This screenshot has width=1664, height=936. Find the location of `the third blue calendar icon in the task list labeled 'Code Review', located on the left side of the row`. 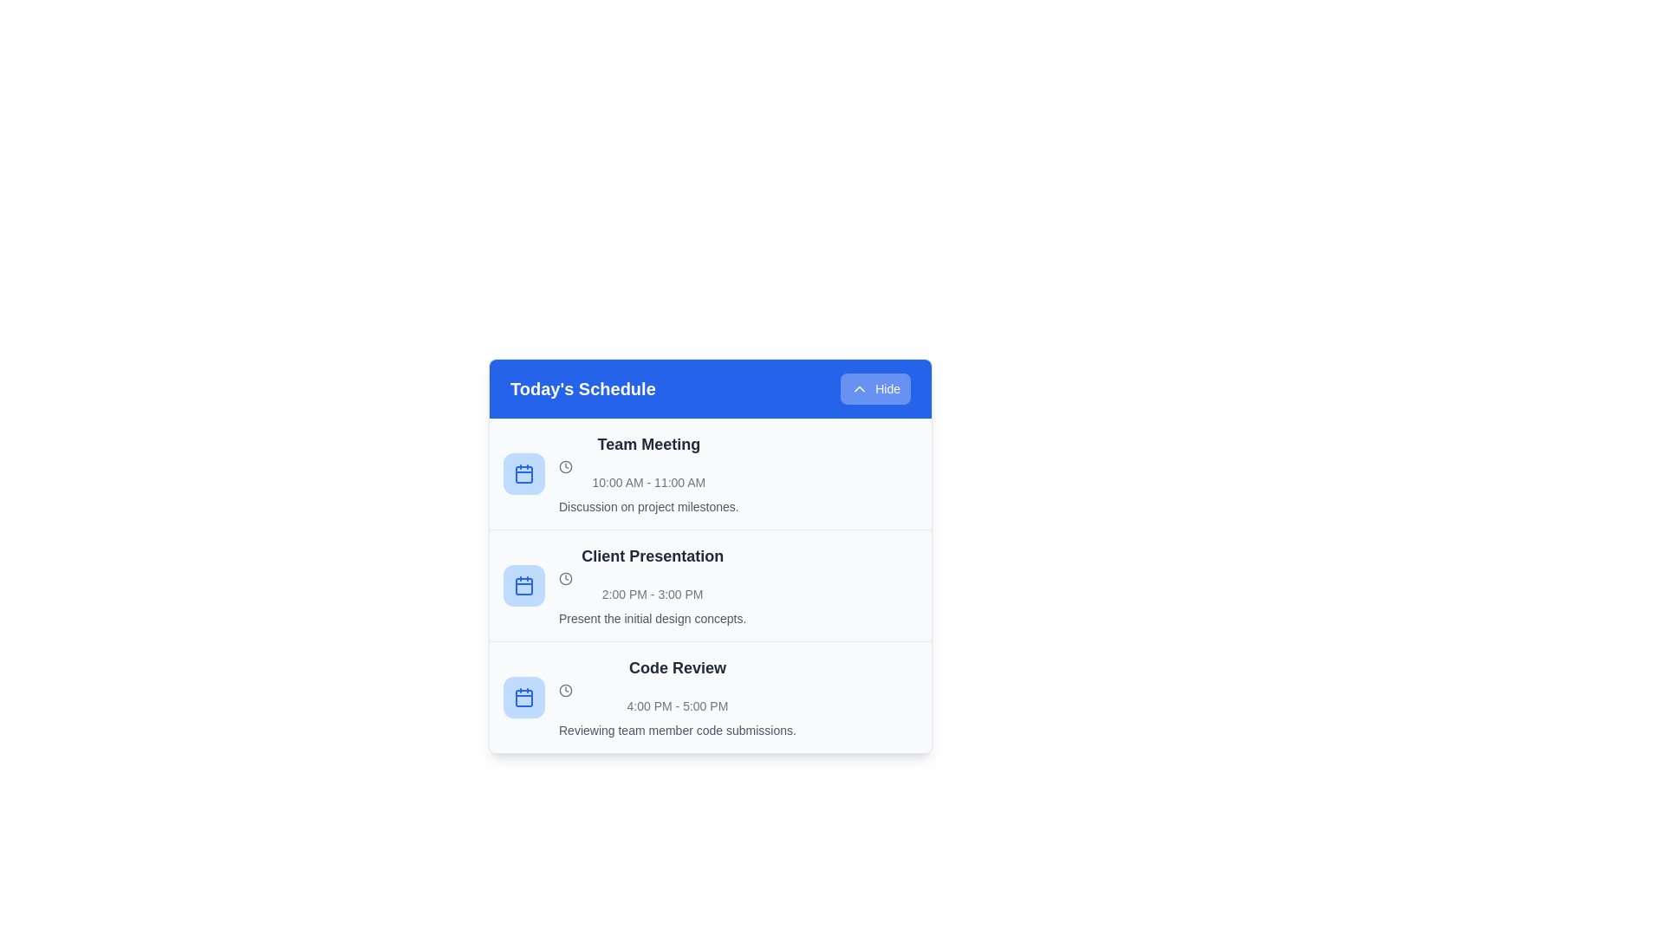

the third blue calendar icon in the task list labeled 'Code Review', located on the left side of the row is located at coordinates (523, 697).